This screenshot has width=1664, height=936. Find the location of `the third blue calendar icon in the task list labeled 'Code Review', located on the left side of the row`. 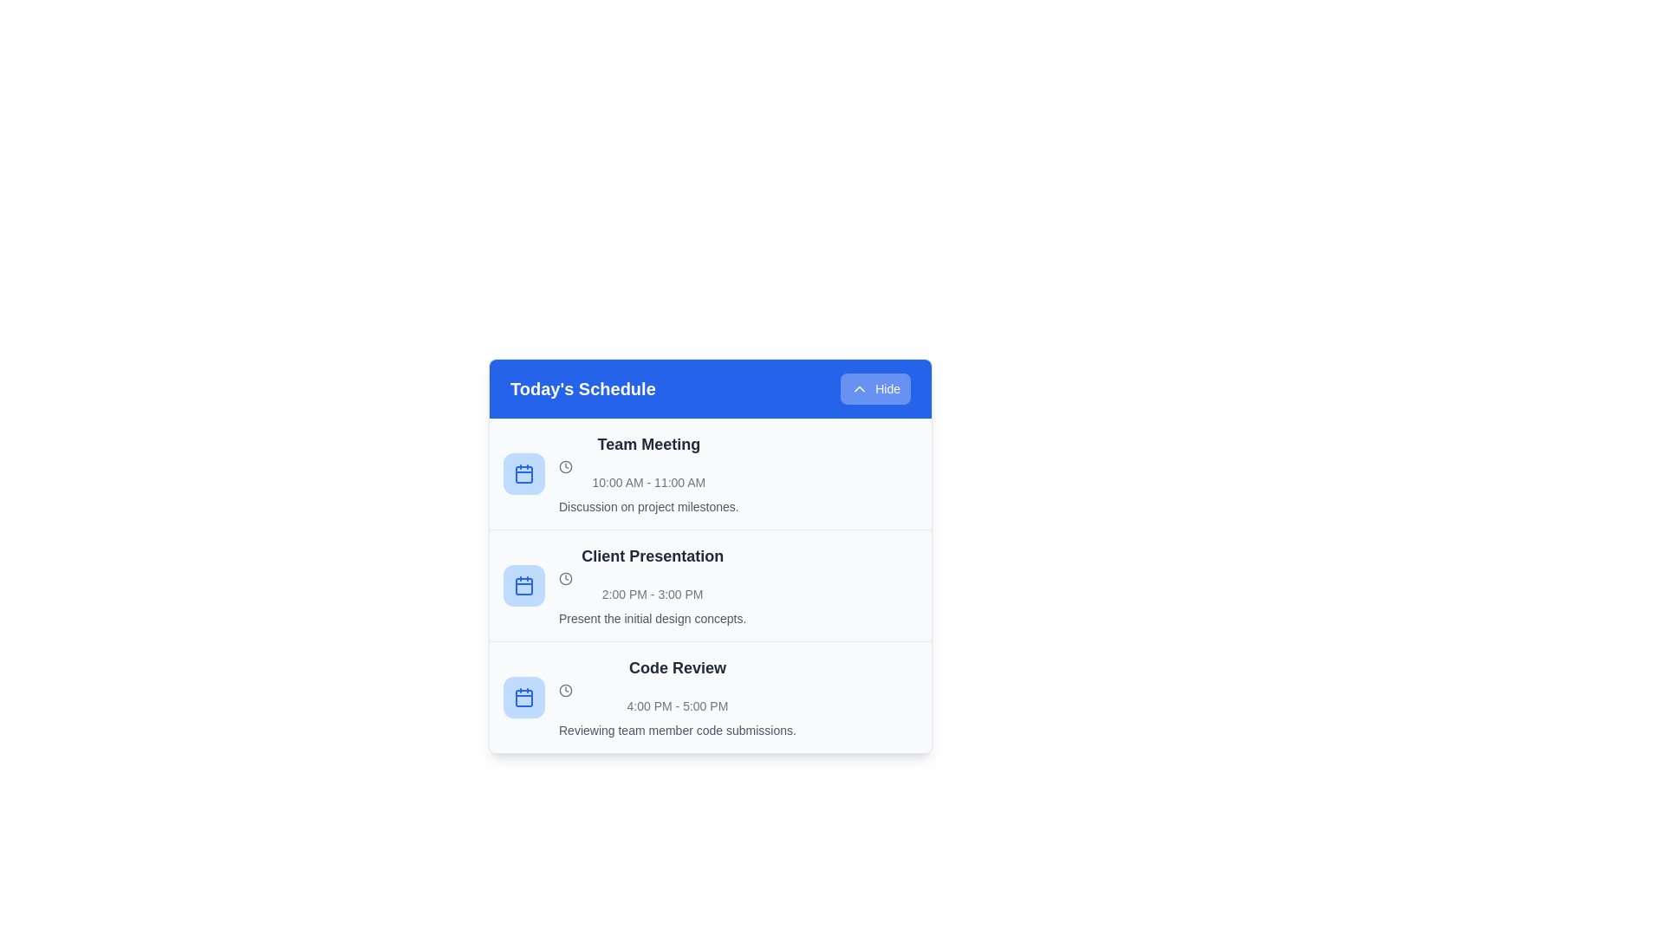

the third blue calendar icon in the task list labeled 'Code Review', located on the left side of the row is located at coordinates (523, 697).